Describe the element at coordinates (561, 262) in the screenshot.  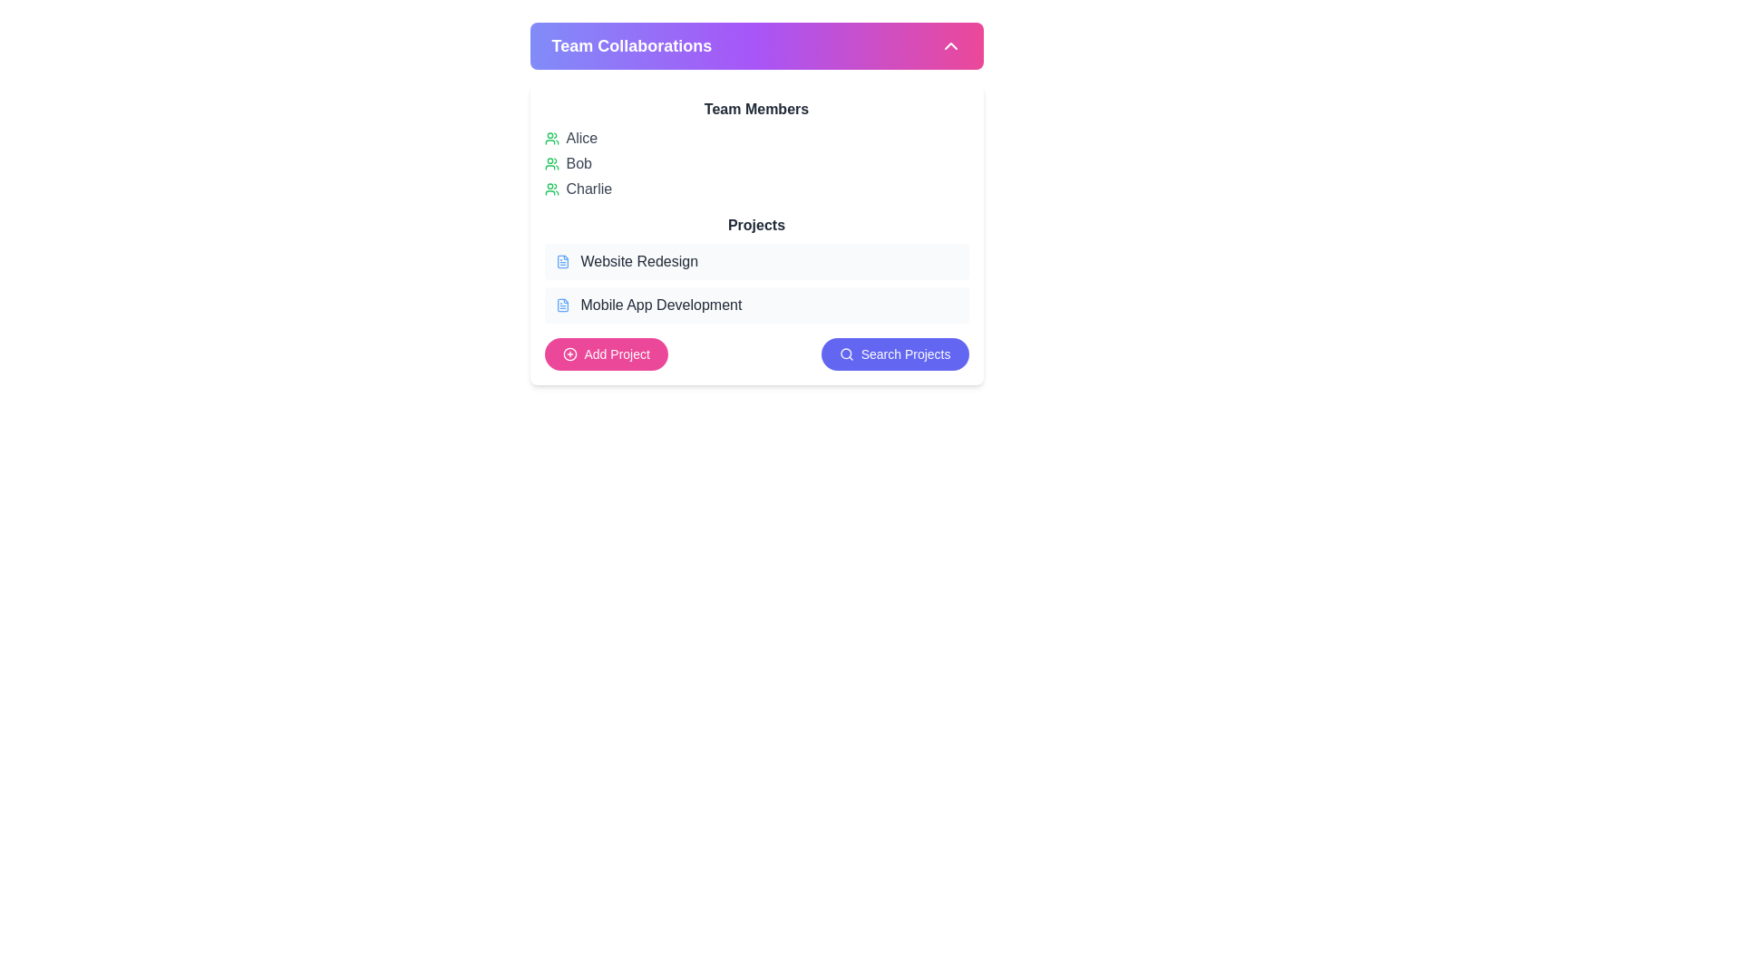
I see `the light blue document icon located at the leftmost side of the 'Website Redesign' row in the 'Projects' section, which is visually aligned with the text 'Website Redesign'` at that location.